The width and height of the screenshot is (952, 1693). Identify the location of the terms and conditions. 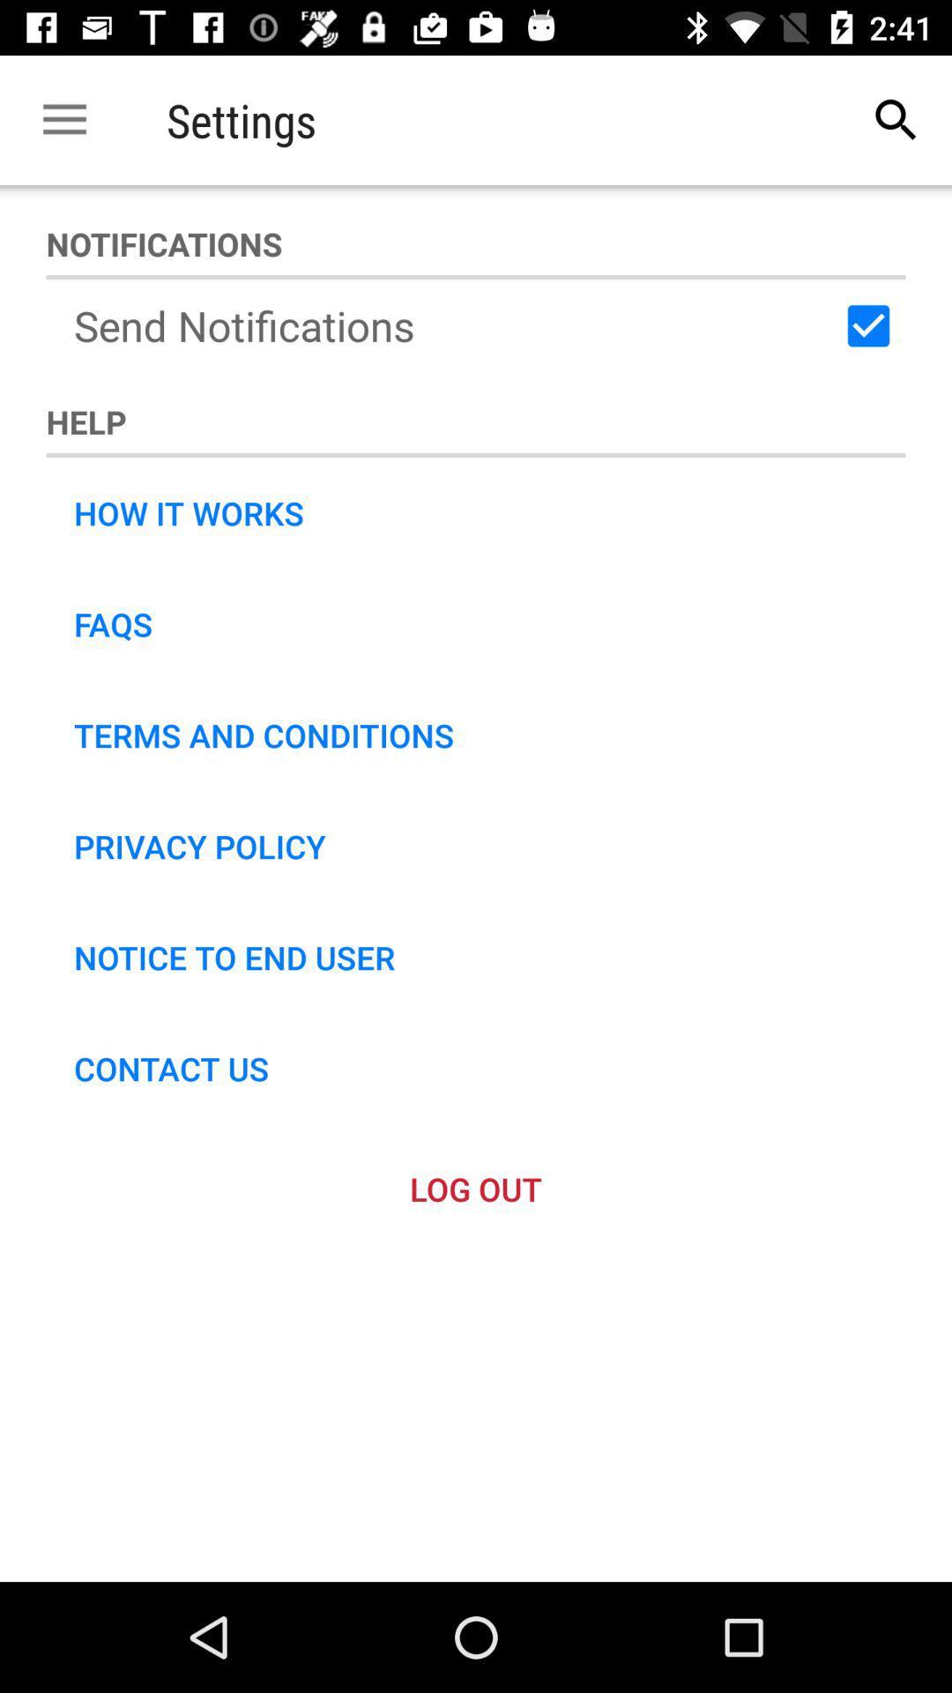
(264, 735).